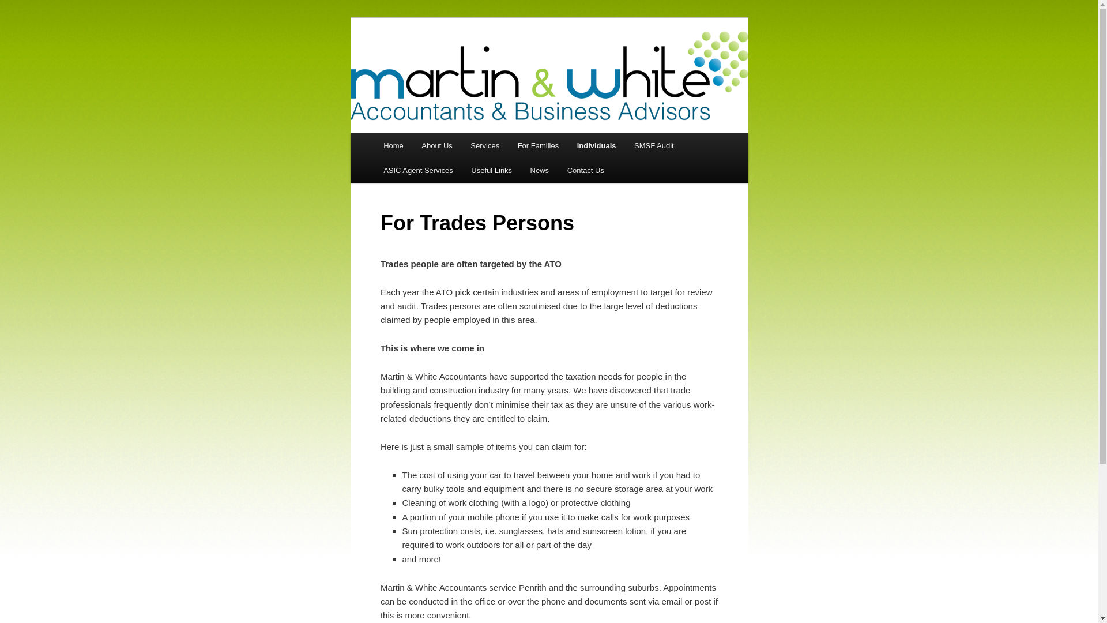 The width and height of the screenshot is (1107, 623). I want to click on 'Individuals', so click(596, 145).